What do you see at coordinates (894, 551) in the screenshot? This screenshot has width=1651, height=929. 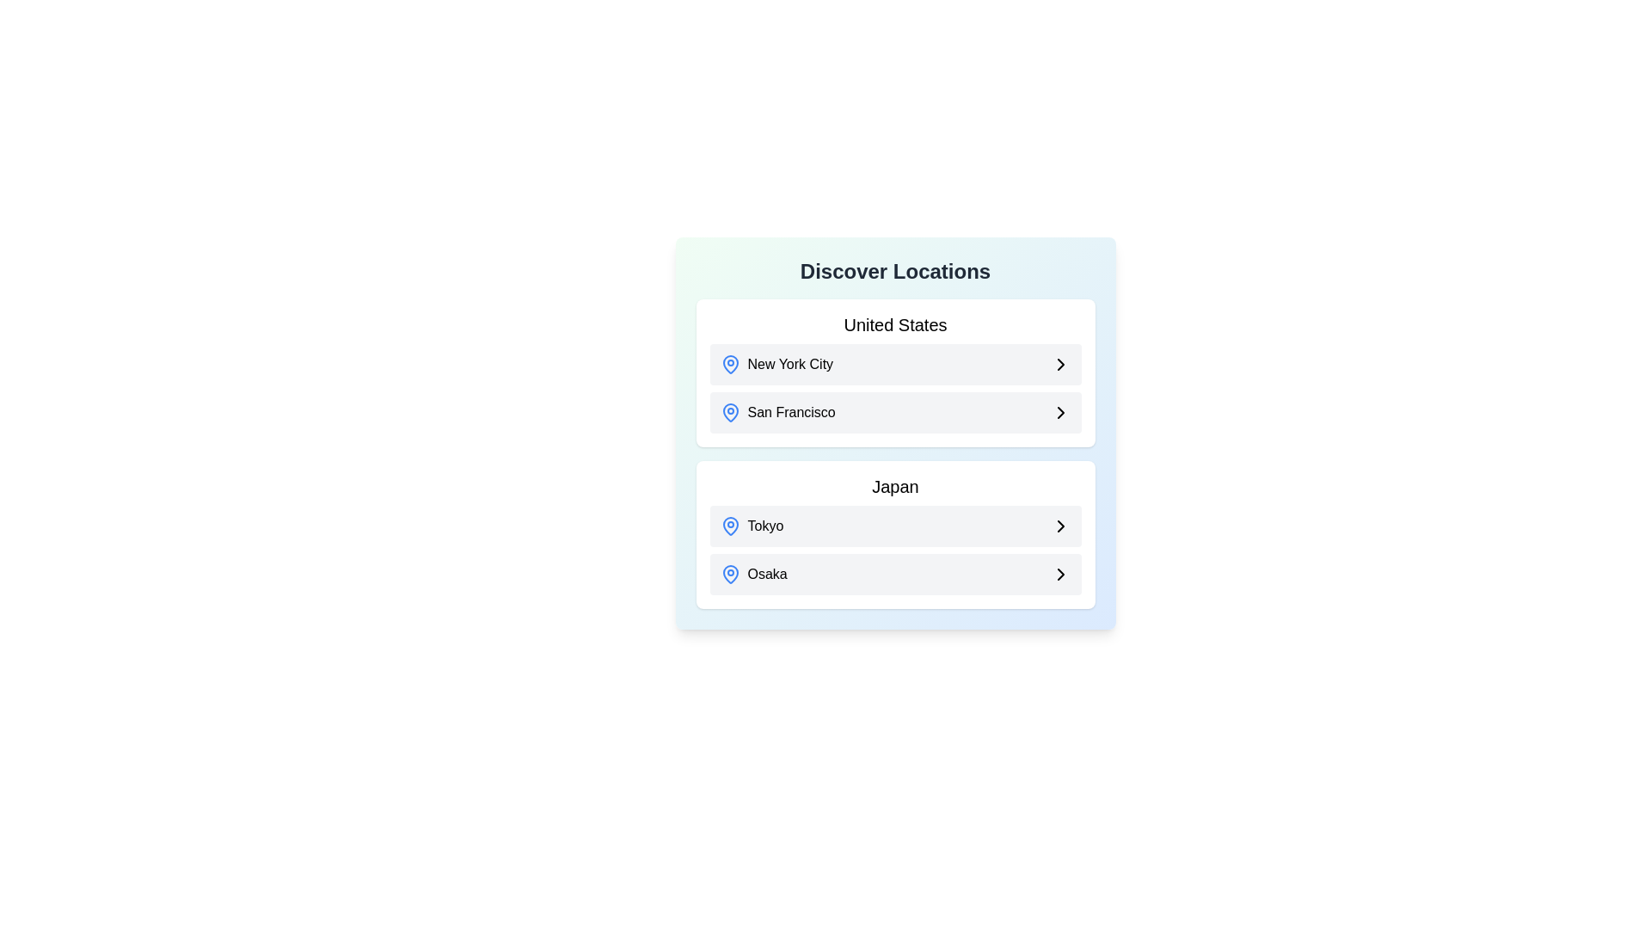 I see `the list item within the 'Japan' section of the menu that allows navigation to details about 'Tokyo' or 'Osaka'` at bounding box center [894, 551].